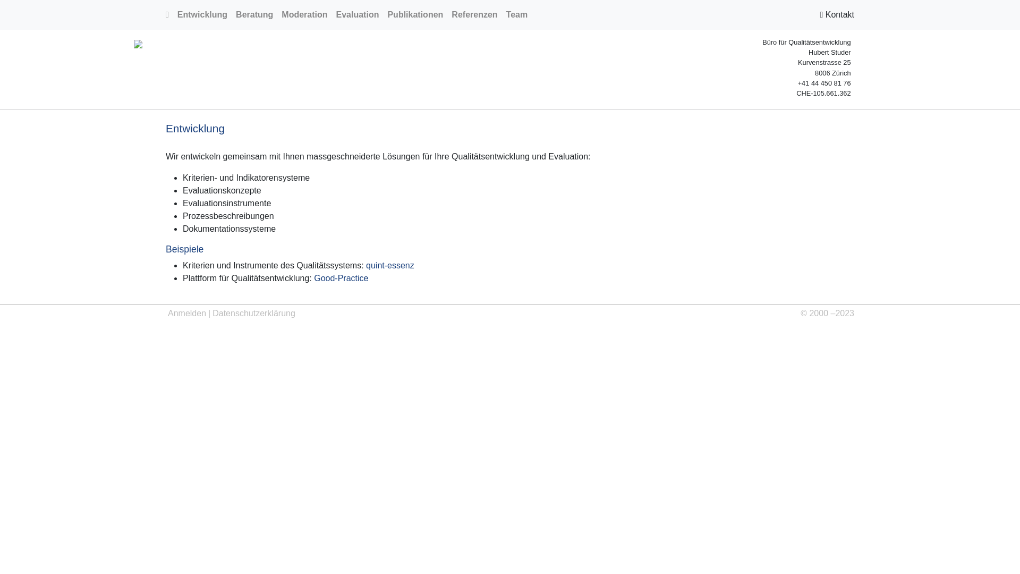  What do you see at coordinates (202, 14) in the screenshot?
I see `'Entwicklung'` at bounding box center [202, 14].